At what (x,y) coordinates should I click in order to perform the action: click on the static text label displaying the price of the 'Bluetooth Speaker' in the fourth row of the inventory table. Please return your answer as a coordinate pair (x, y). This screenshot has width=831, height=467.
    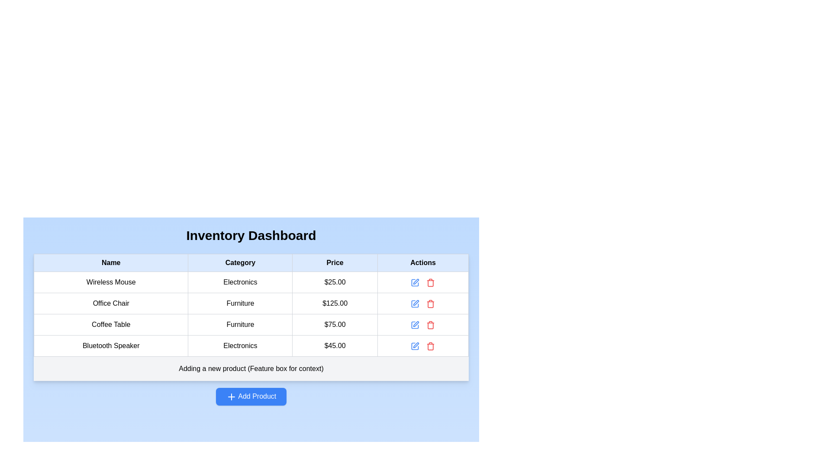
    Looking at the image, I should click on (335, 345).